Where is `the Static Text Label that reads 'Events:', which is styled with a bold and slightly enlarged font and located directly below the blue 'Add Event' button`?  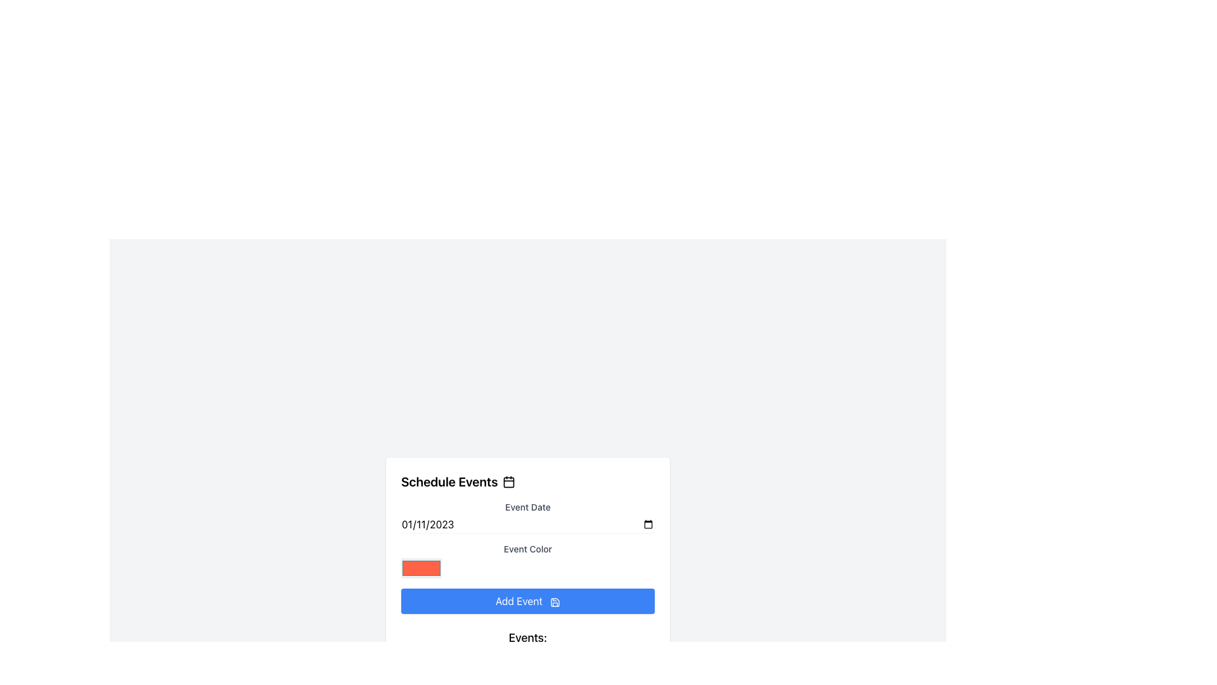
the Static Text Label that reads 'Events:', which is styled with a bold and slightly enlarged font and located directly below the blue 'Add Event' button is located at coordinates (528, 638).